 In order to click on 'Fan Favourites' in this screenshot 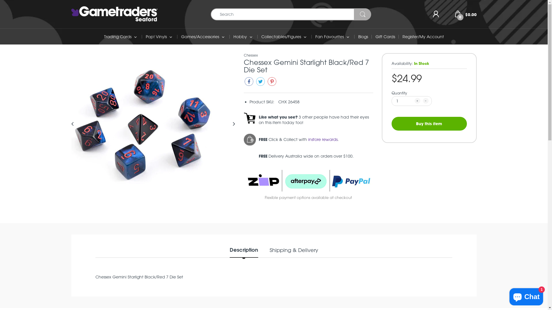, I will do `click(329, 36)`.